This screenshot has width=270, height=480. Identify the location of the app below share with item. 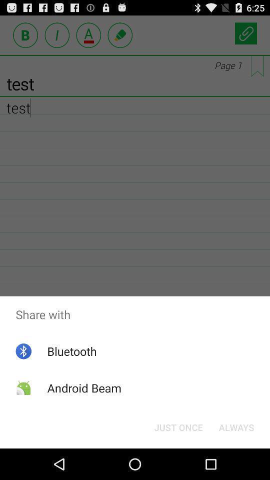
(236, 426).